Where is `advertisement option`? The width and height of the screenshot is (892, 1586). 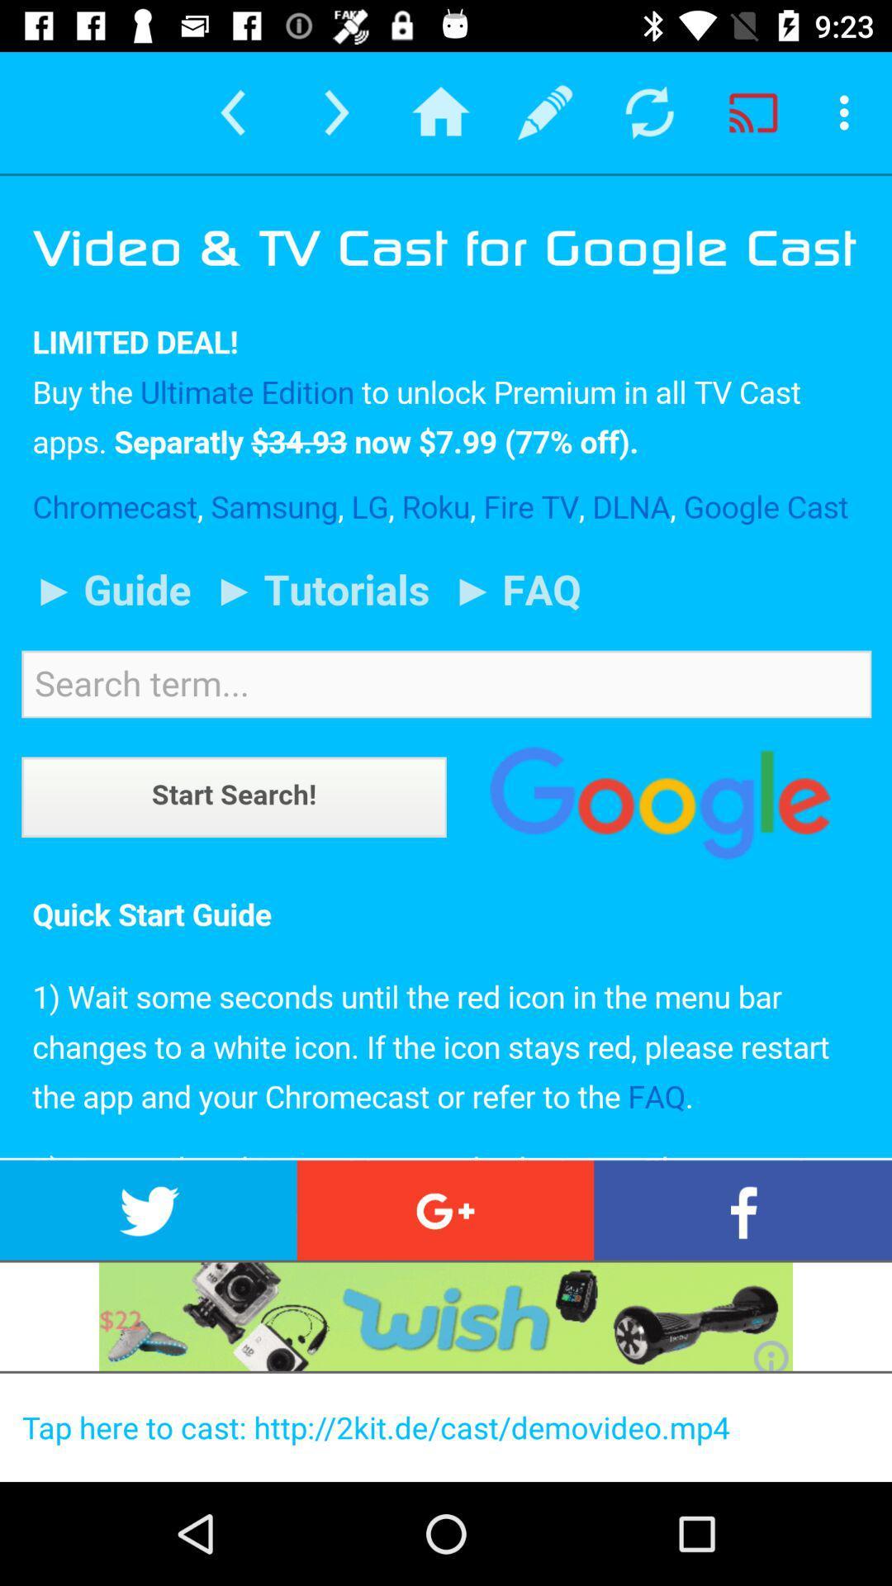 advertisement option is located at coordinates (446, 1316).